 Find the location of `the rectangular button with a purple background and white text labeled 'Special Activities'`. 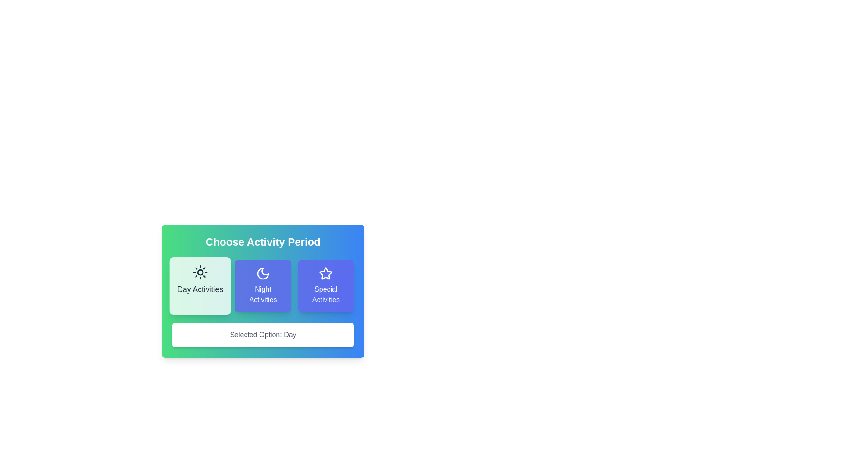

the rectangular button with a purple background and white text labeled 'Special Activities' is located at coordinates (325, 286).